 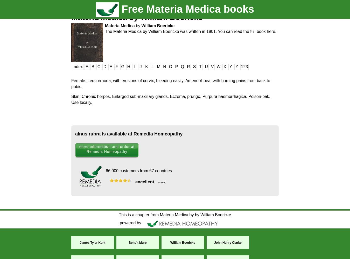 What do you see at coordinates (99, 67) in the screenshot?
I see `'C'` at bounding box center [99, 67].